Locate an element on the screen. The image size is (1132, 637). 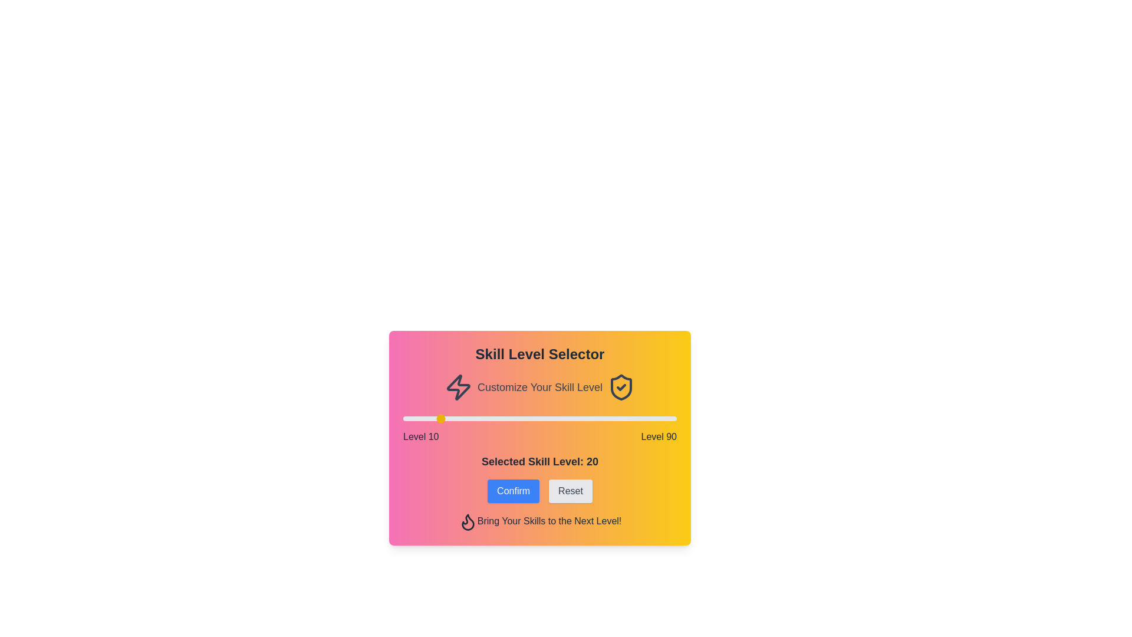
the slider to observe any potential interactions is located at coordinates (539, 418).